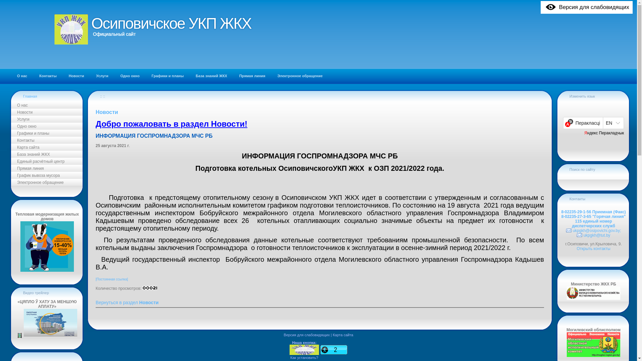 The image size is (642, 361). I want to click on 'Click to see what's popular on this site!', so click(334, 349).